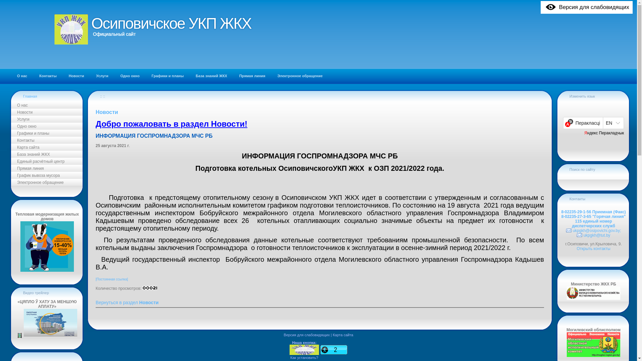 The image size is (642, 361). I want to click on 'Click to see what's popular on this site!', so click(334, 349).